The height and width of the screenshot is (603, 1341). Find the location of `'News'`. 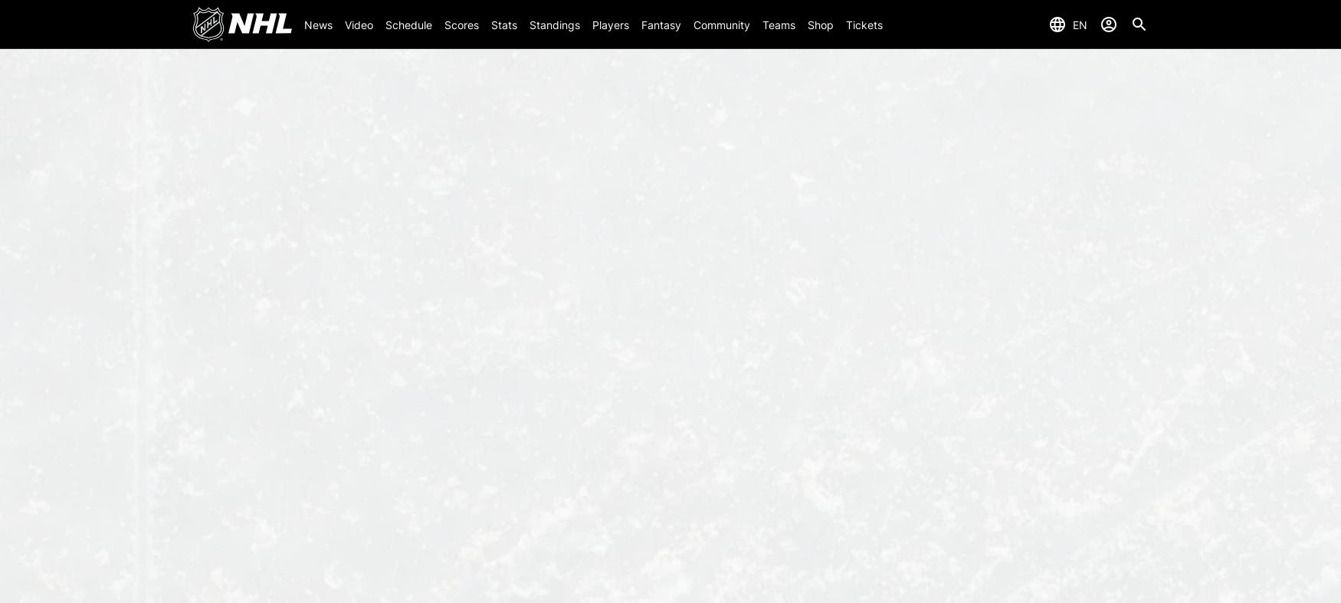

'News' is located at coordinates (316, 23).